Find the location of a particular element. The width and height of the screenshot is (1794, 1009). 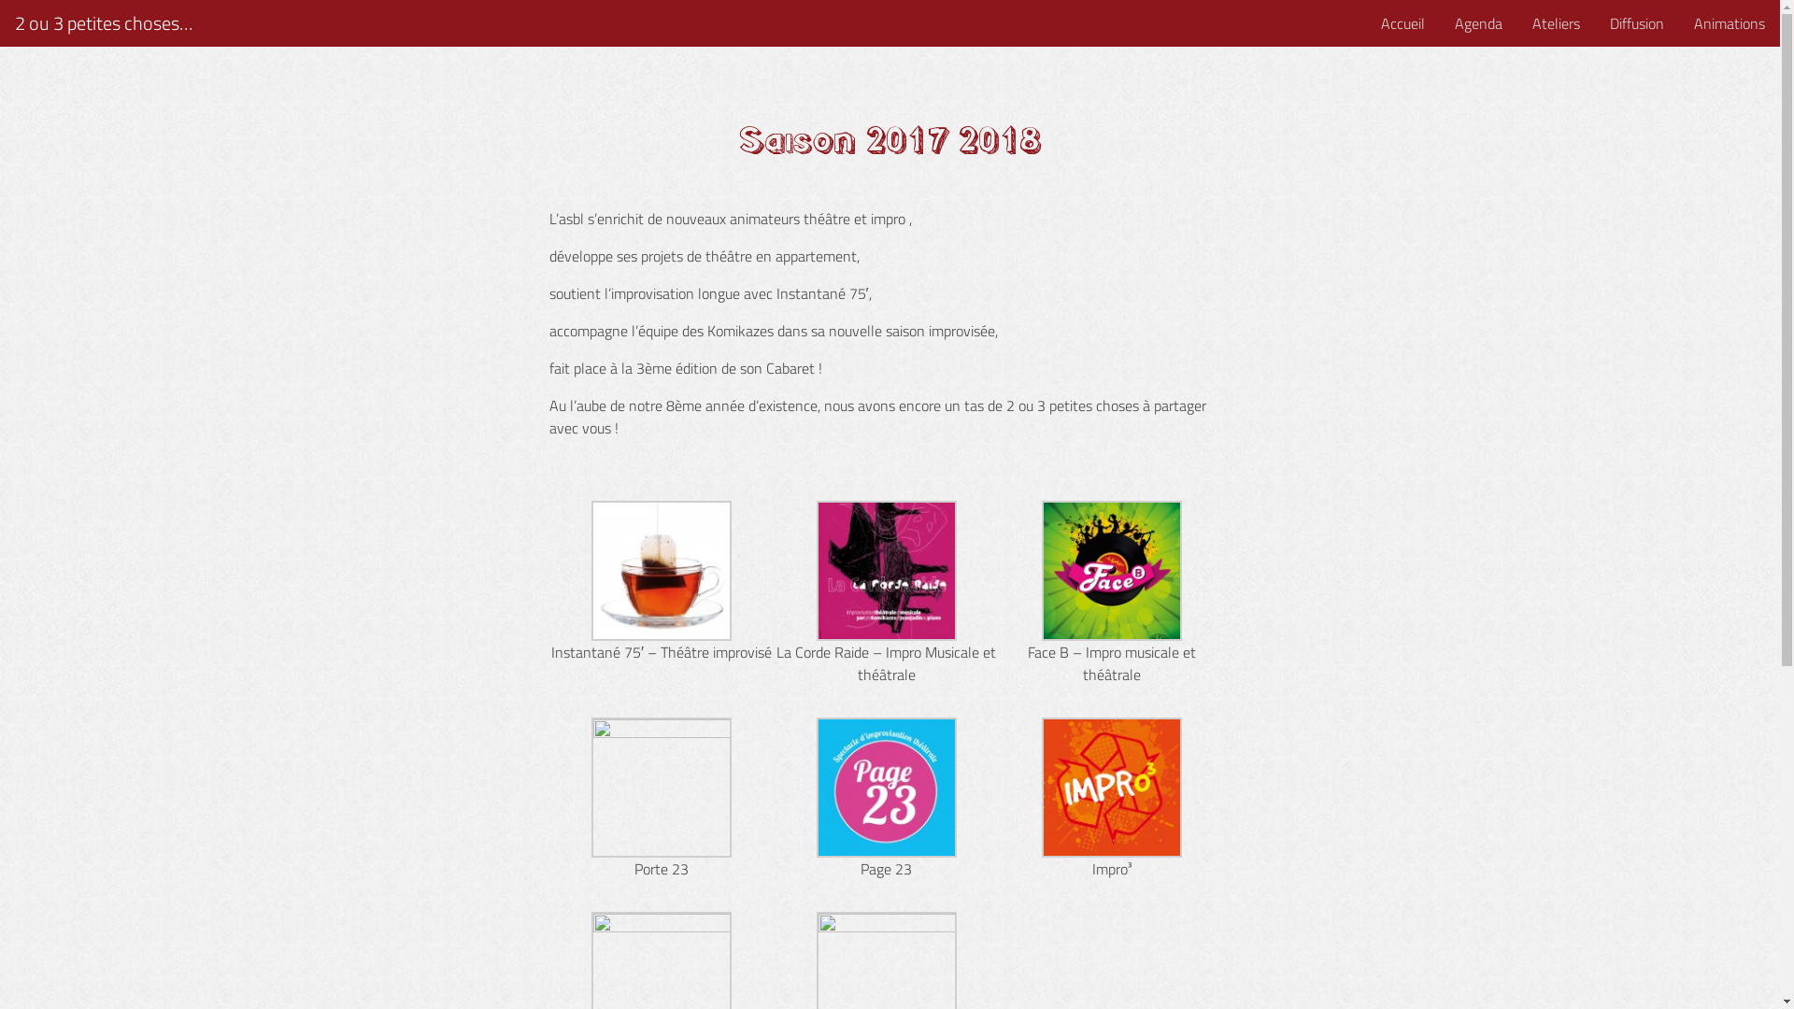

'Accueil' is located at coordinates (1402, 22).